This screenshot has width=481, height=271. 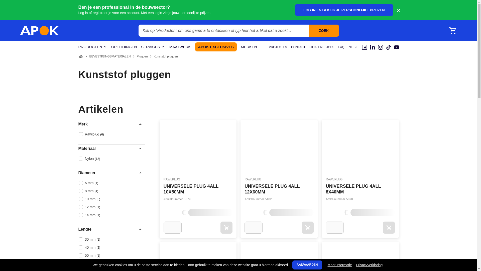 What do you see at coordinates (323, 31) in the screenshot?
I see `'ZOEK'` at bounding box center [323, 31].